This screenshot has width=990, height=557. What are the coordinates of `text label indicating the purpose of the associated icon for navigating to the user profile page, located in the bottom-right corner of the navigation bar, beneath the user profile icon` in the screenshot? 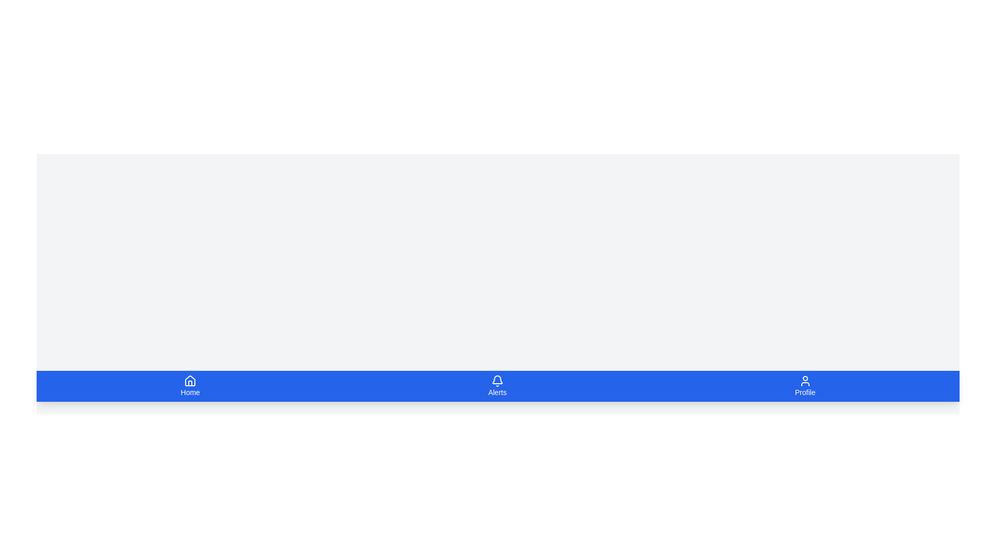 It's located at (804, 392).